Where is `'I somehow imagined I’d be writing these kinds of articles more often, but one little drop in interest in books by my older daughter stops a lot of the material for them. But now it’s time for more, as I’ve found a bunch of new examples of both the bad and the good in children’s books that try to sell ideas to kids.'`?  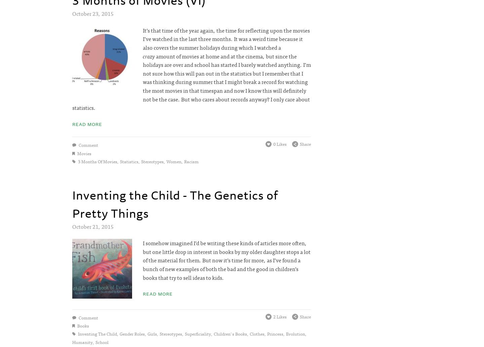
'I somehow imagined I’d be writing these kinds of articles more often, but one little drop in interest in books by my older daughter stops a lot of the material for them. But now it’s time for more, as I’ve found a bunch of new examples of both the bad and the good in children’s books that try to sell ideas to kids.' is located at coordinates (226, 260).